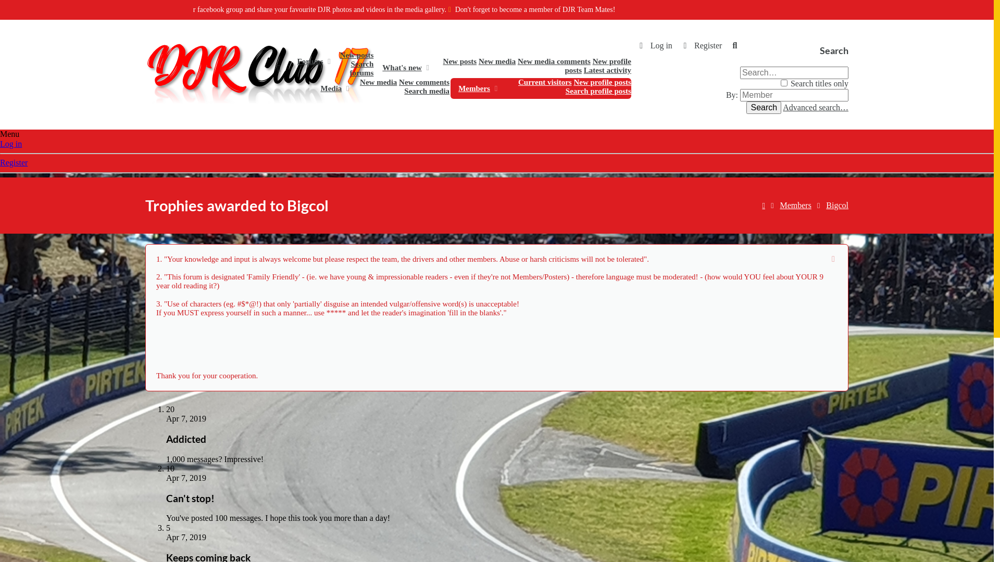  I want to click on 'New media', so click(360, 82).